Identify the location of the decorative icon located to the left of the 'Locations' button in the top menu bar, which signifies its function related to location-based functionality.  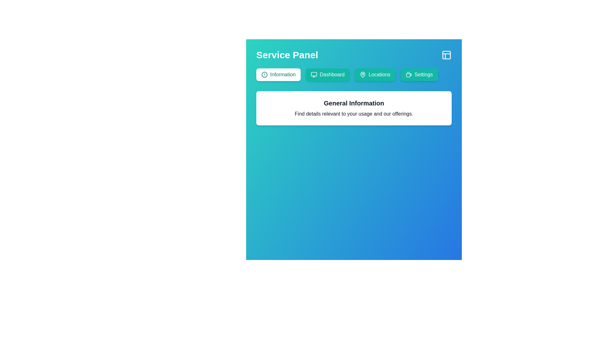
(363, 74).